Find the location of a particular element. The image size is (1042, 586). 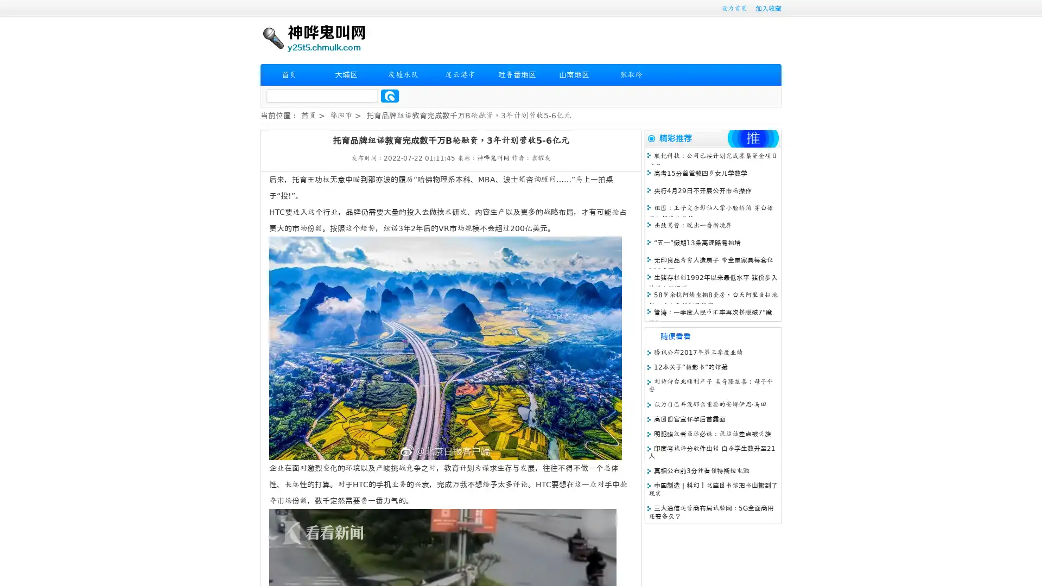

Search is located at coordinates (390, 95).